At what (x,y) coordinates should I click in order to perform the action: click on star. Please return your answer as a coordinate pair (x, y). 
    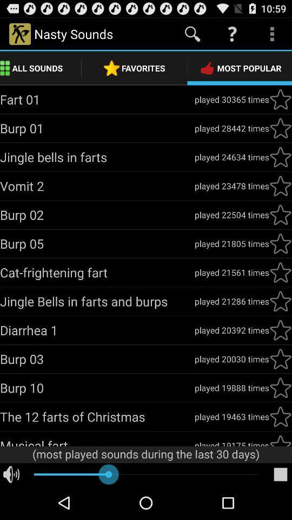
    Looking at the image, I should click on (280, 329).